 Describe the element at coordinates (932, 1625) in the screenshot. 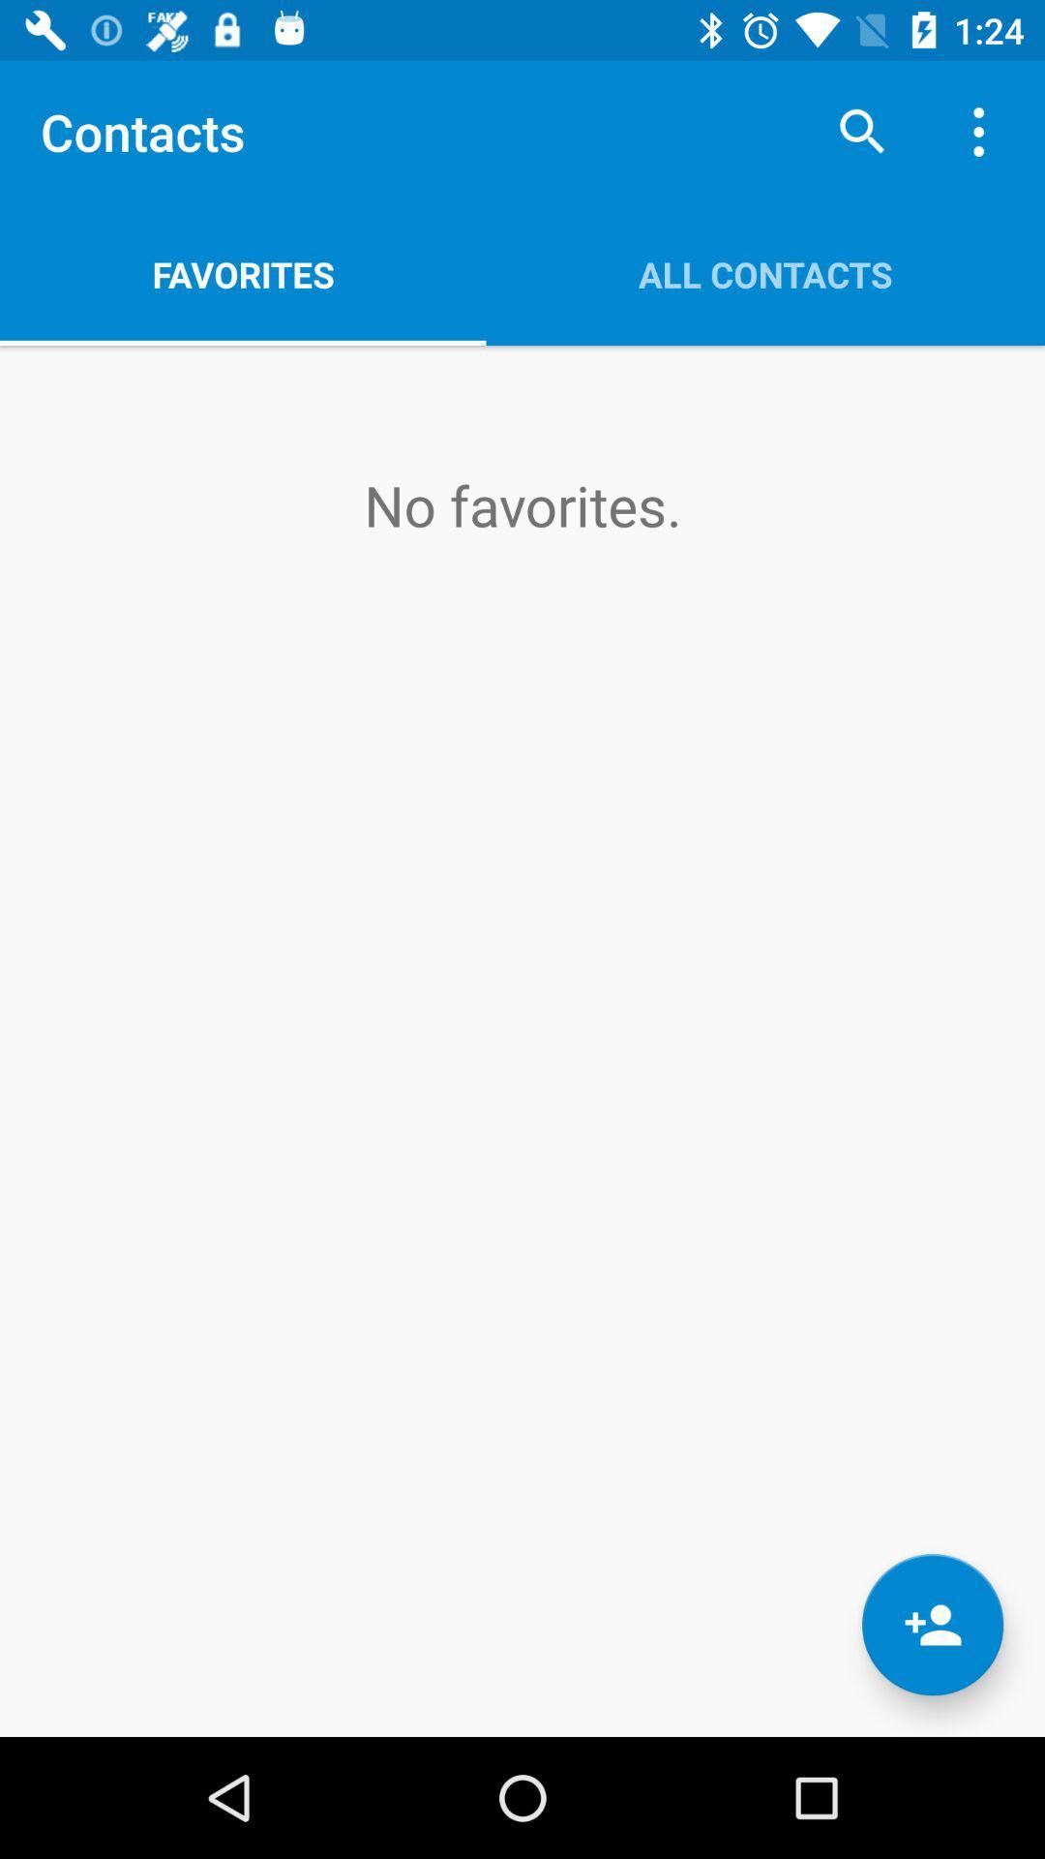

I see `the follow icon` at that location.